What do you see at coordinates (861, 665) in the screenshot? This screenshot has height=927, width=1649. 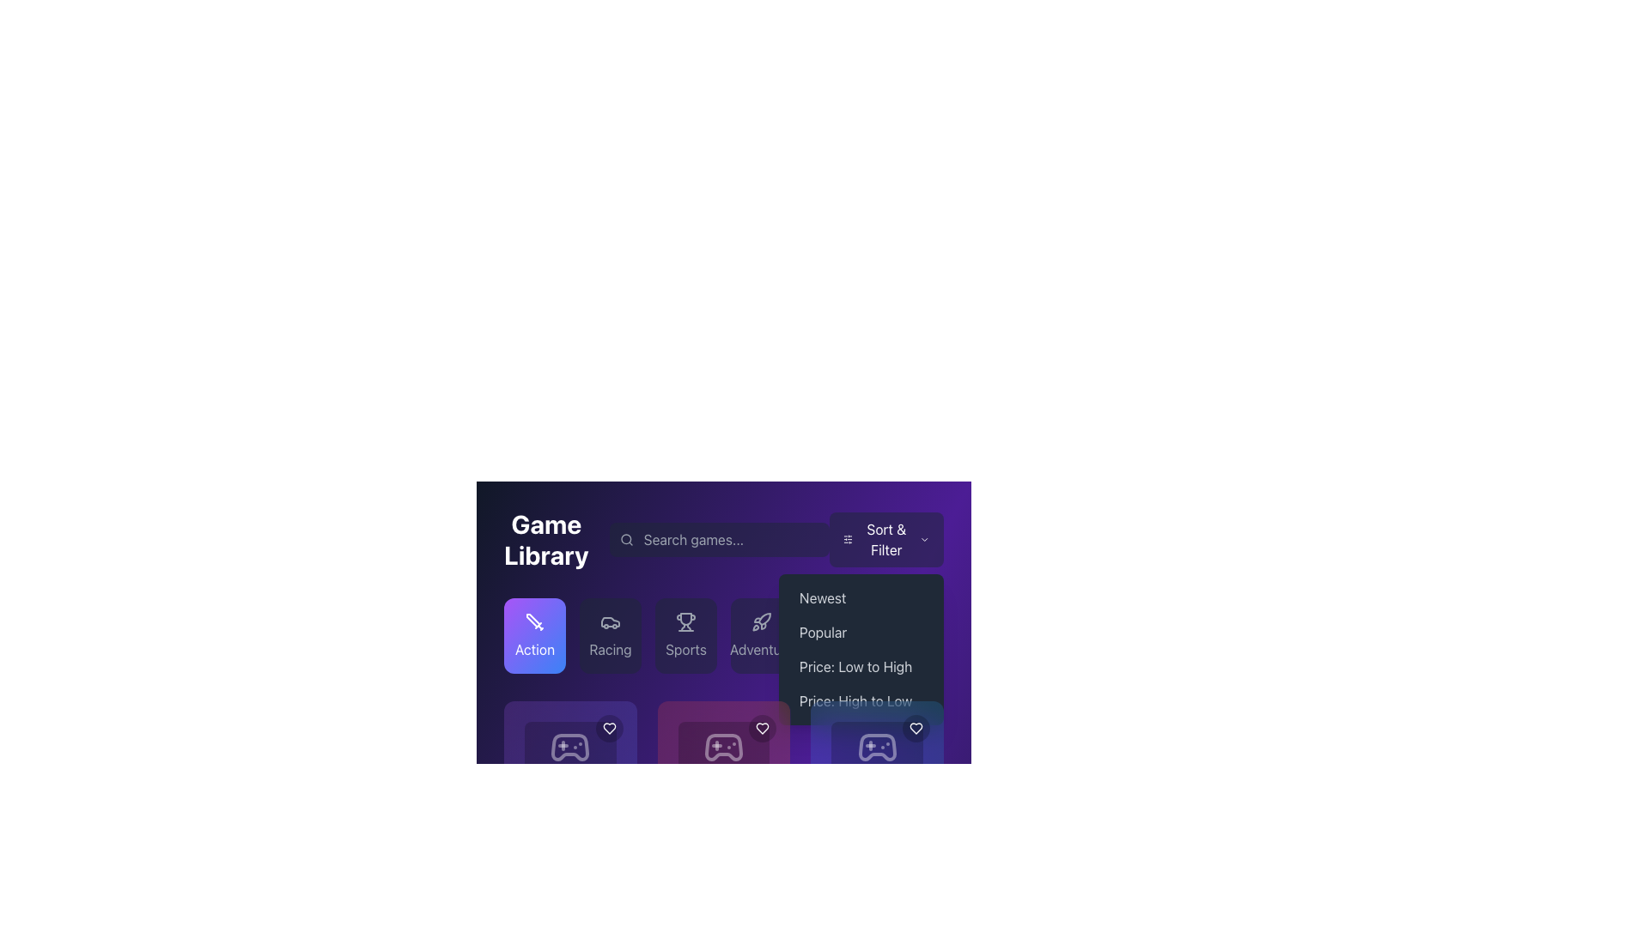 I see `the third item in the dropdown menu that sorts items by price in ascending order` at bounding box center [861, 665].